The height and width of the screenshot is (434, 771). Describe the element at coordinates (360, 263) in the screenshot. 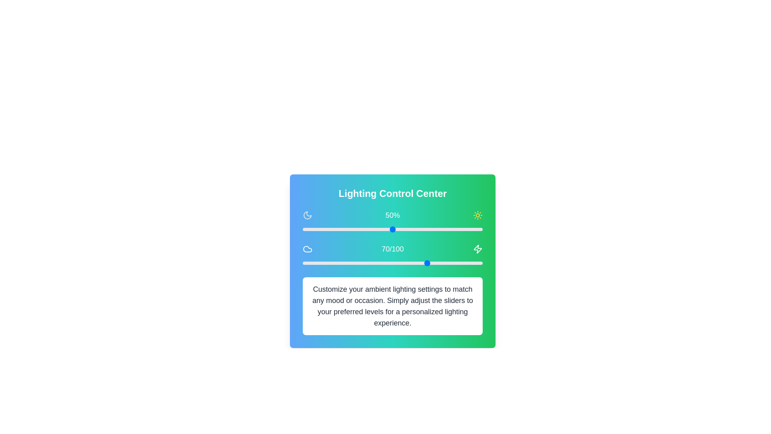

I see `the warmth slider to set the warmth level to 32 (0-100)` at that location.